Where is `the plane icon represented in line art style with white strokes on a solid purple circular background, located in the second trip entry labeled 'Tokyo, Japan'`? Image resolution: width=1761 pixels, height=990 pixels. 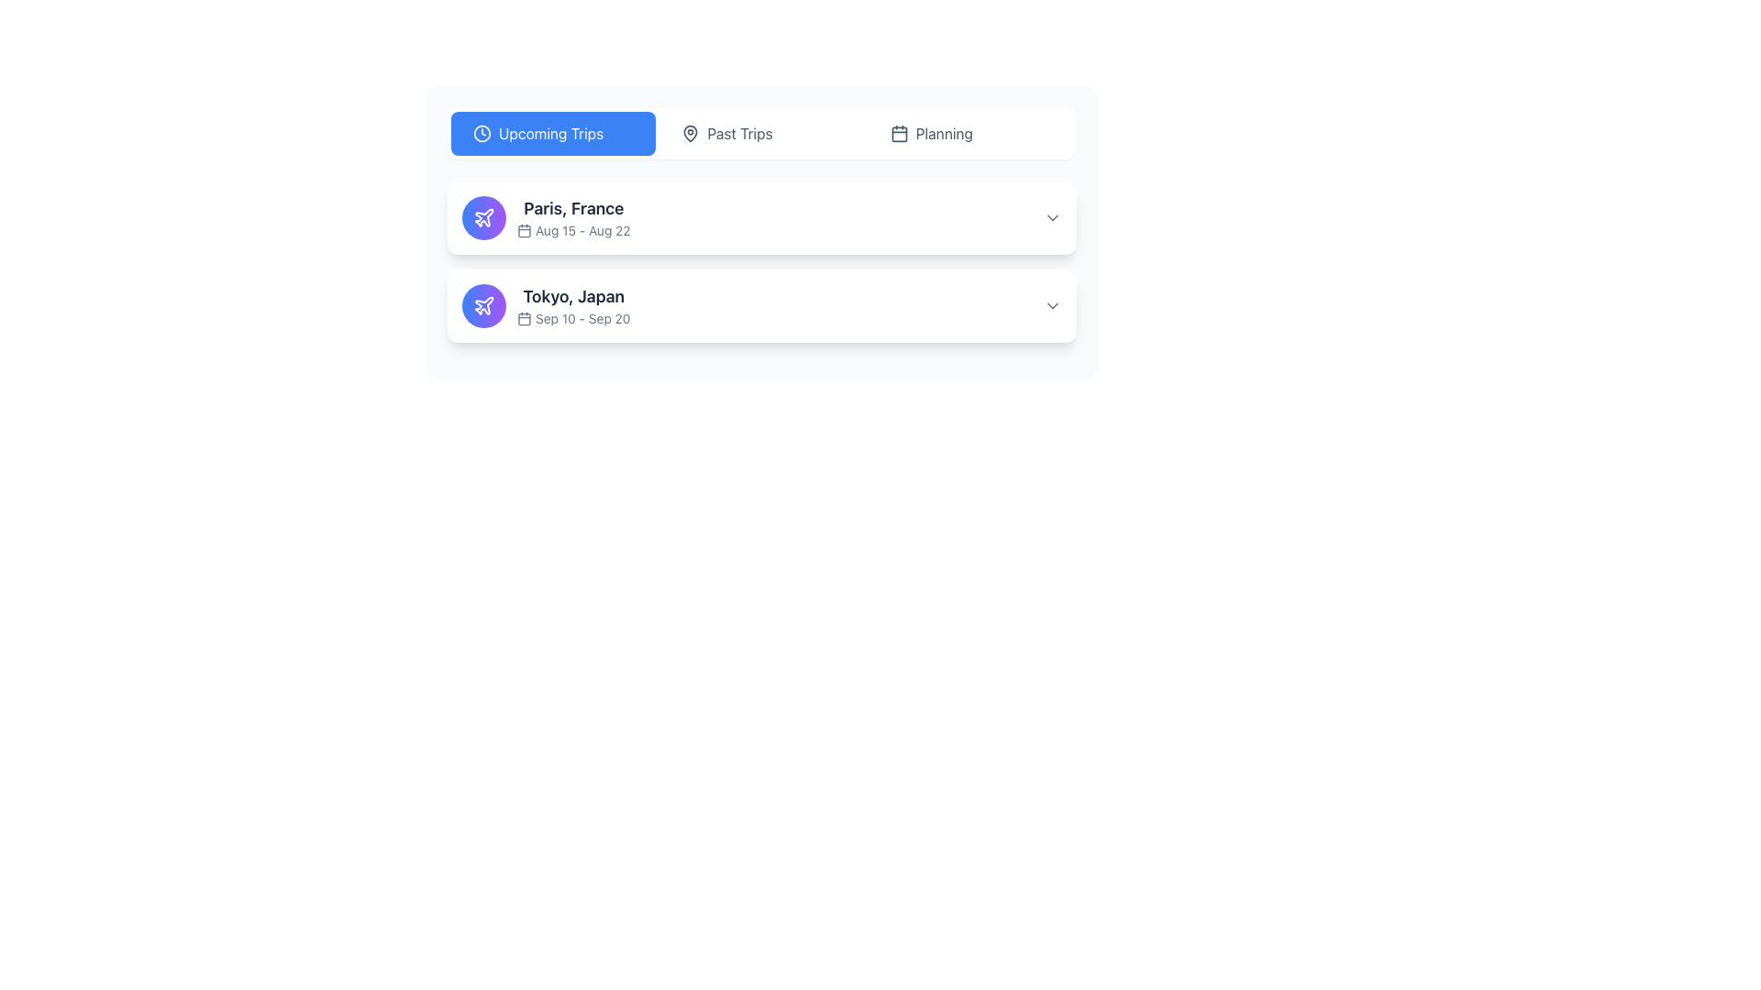 the plane icon represented in line art style with white strokes on a solid purple circular background, located in the second trip entry labeled 'Tokyo, Japan' is located at coordinates (484, 216).